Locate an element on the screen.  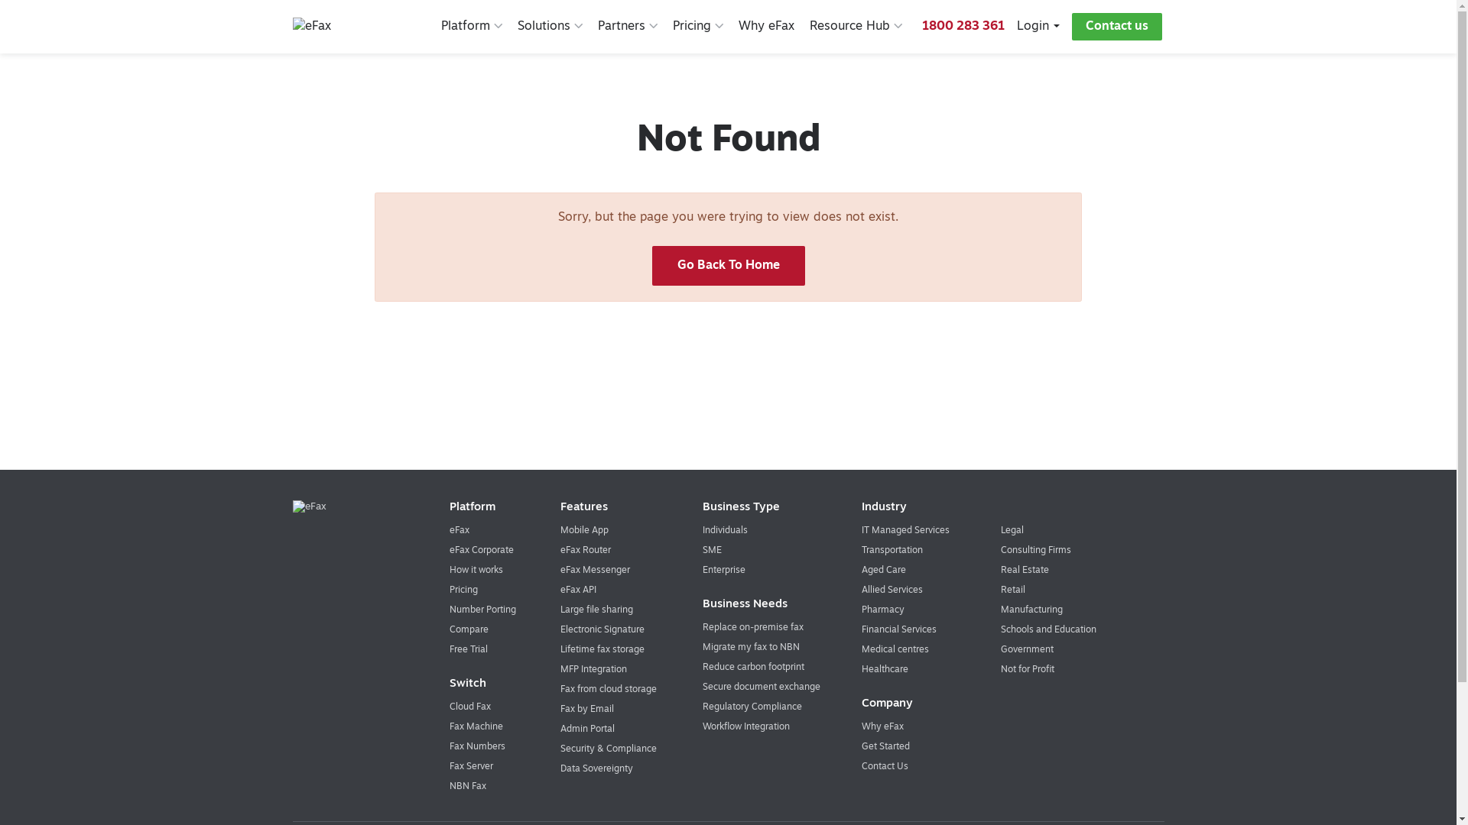
'IT Managed Services' is located at coordinates (862, 529).